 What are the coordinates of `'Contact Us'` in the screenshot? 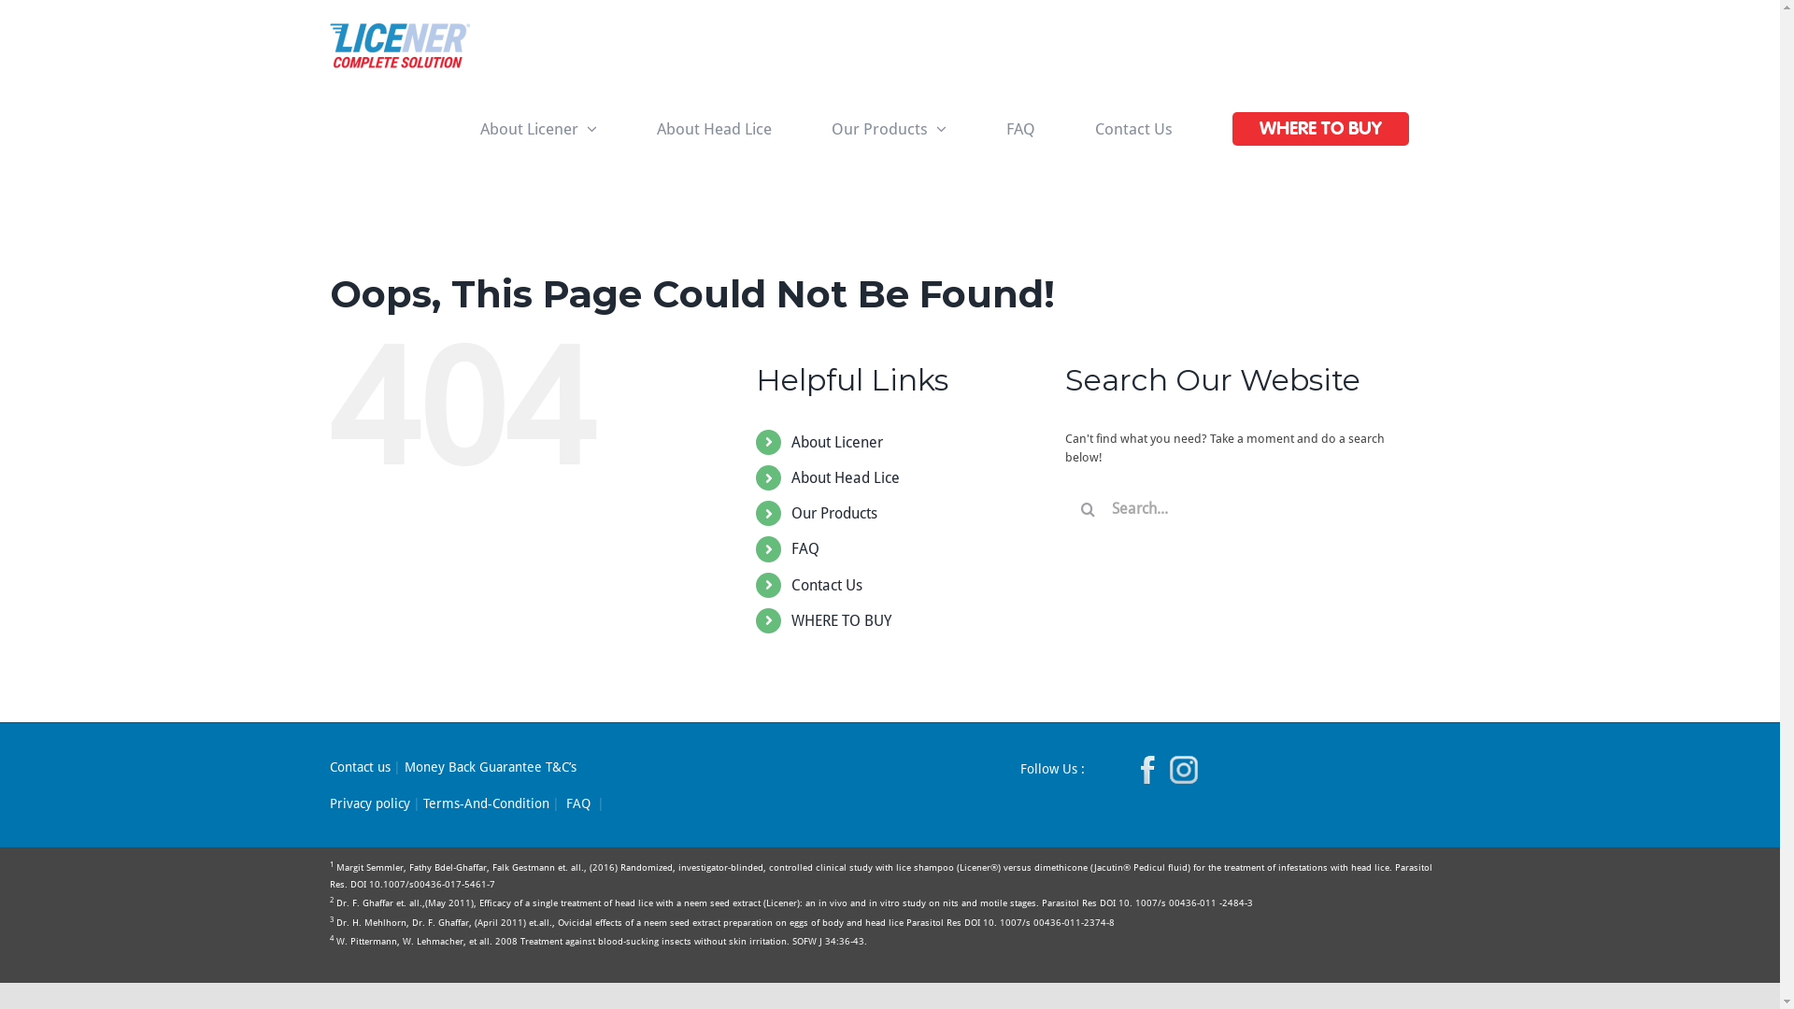 It's located at (1132, 128).